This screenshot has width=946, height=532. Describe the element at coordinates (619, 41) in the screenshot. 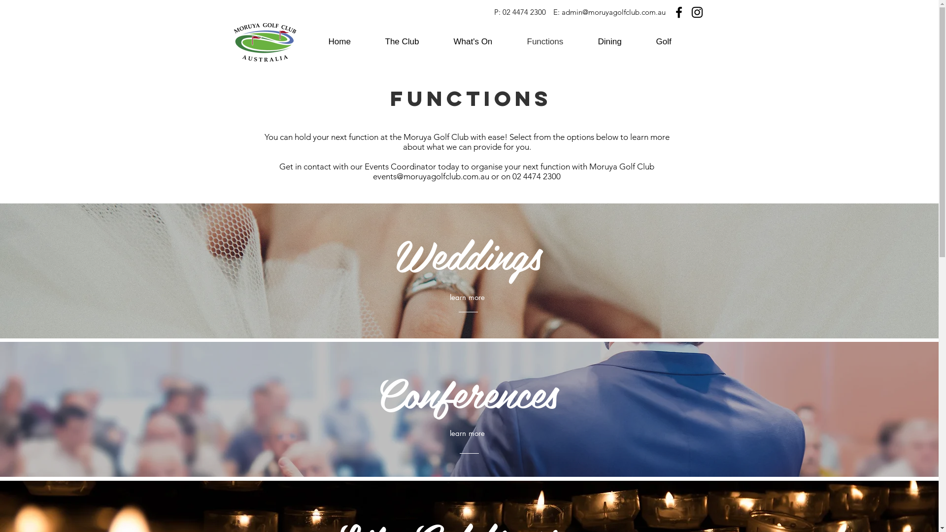

I see `'Dining'` at that location.